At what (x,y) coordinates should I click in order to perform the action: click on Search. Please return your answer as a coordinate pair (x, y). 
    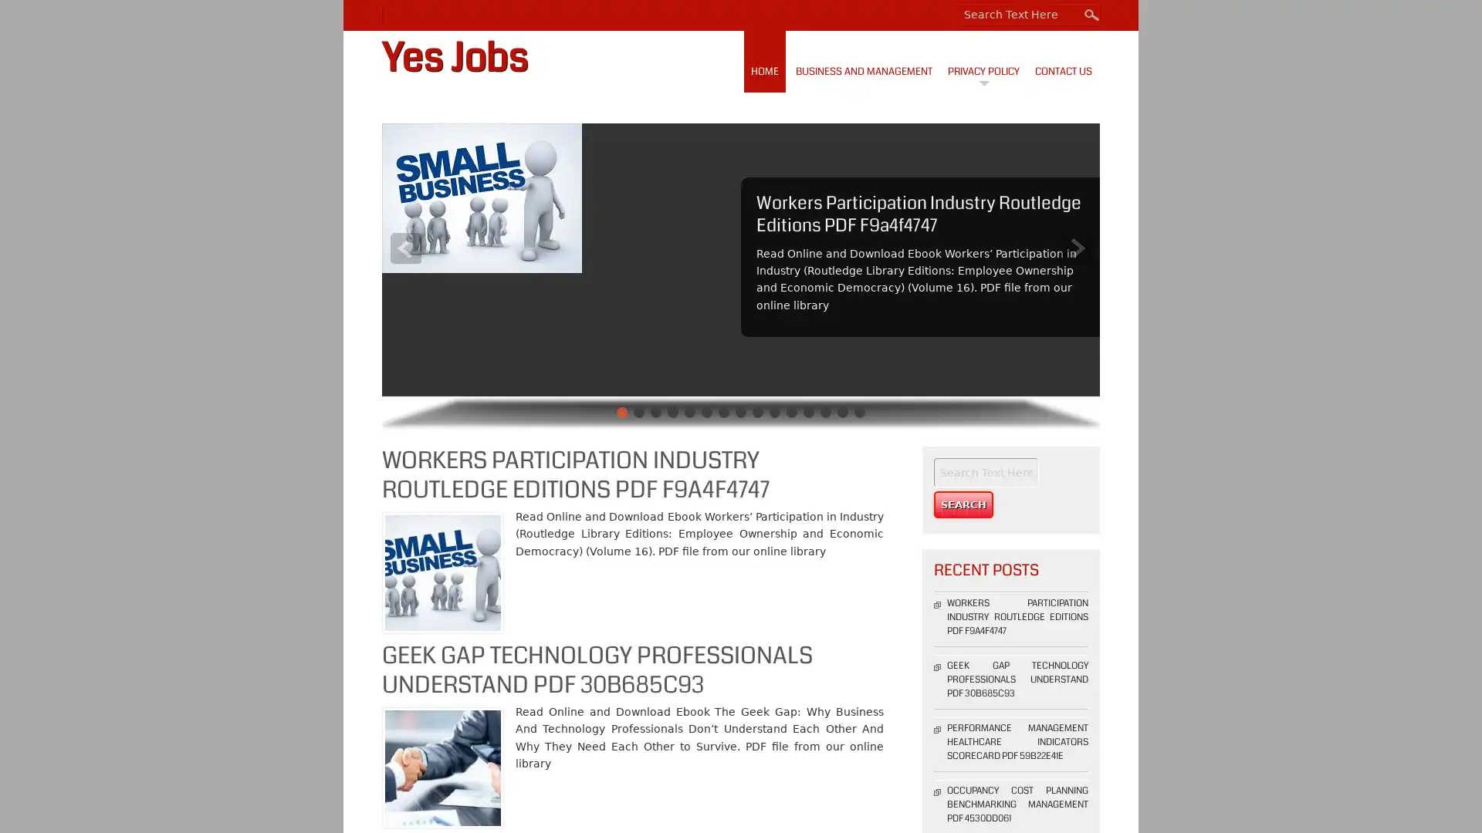
    Looking at the image, I should click on (963, 504).